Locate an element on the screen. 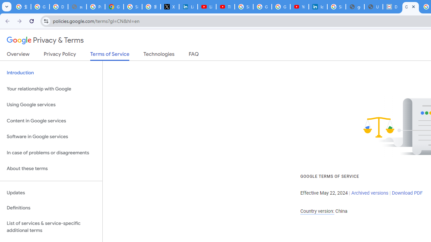  'LinkedIn - YouTube' is located at coordinates (207, 7).